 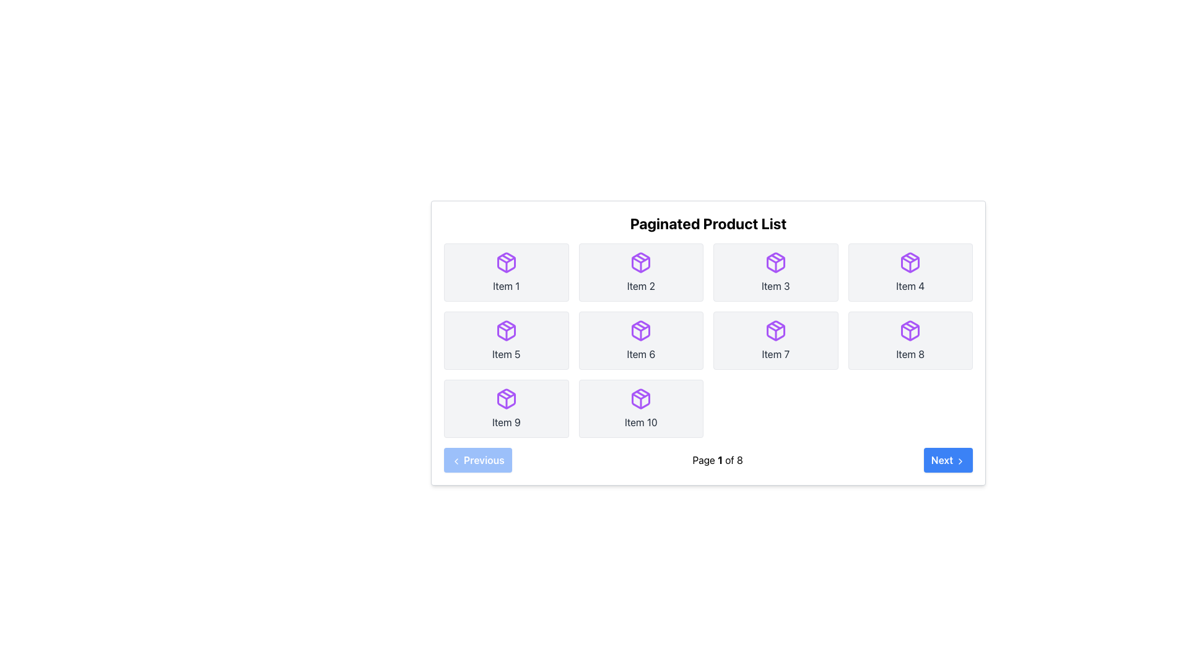 I want to click on the text label that serves as the title or header for the product list section, positioned centrally at the top of the section, so click(x=708, y=224).